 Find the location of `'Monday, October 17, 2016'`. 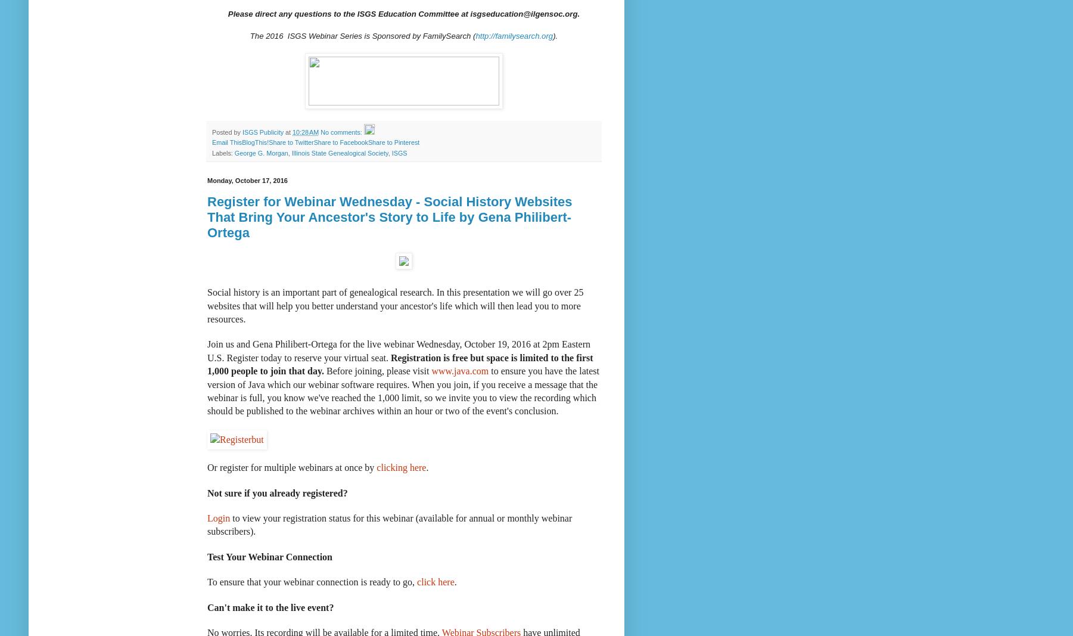

'Monday, October 17, 2016' is located at coordinates (246, 181).